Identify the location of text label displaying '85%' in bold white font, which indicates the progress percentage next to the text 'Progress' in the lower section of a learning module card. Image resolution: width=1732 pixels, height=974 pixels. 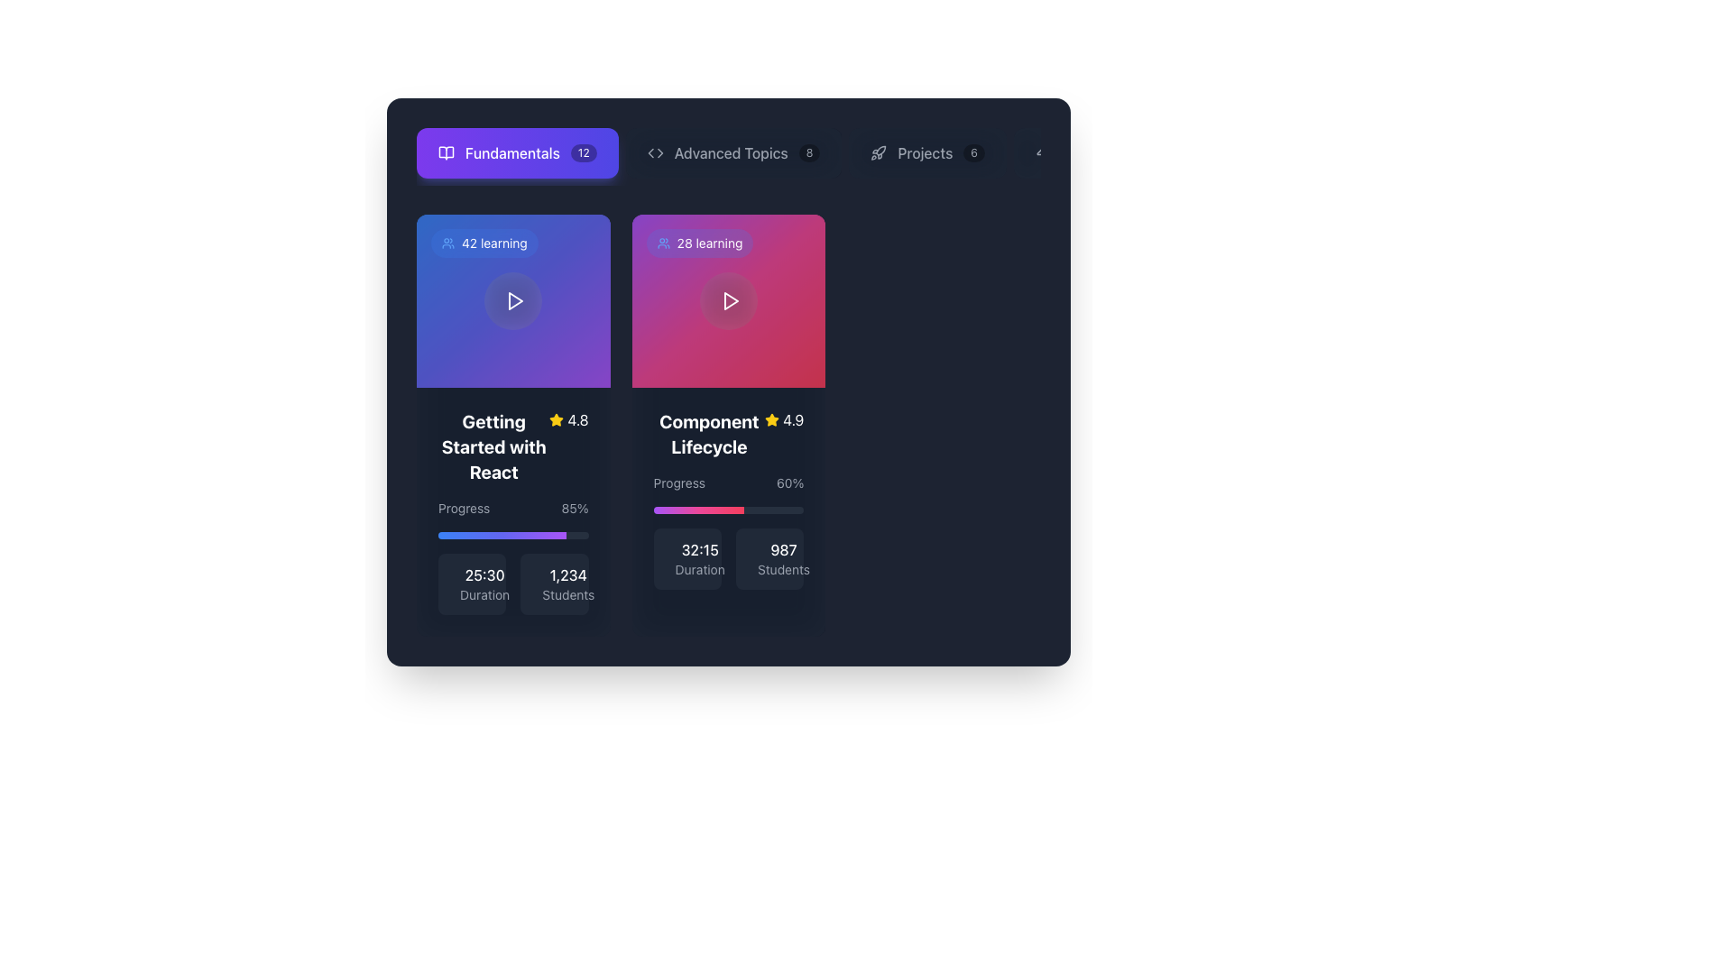
(574, 508).